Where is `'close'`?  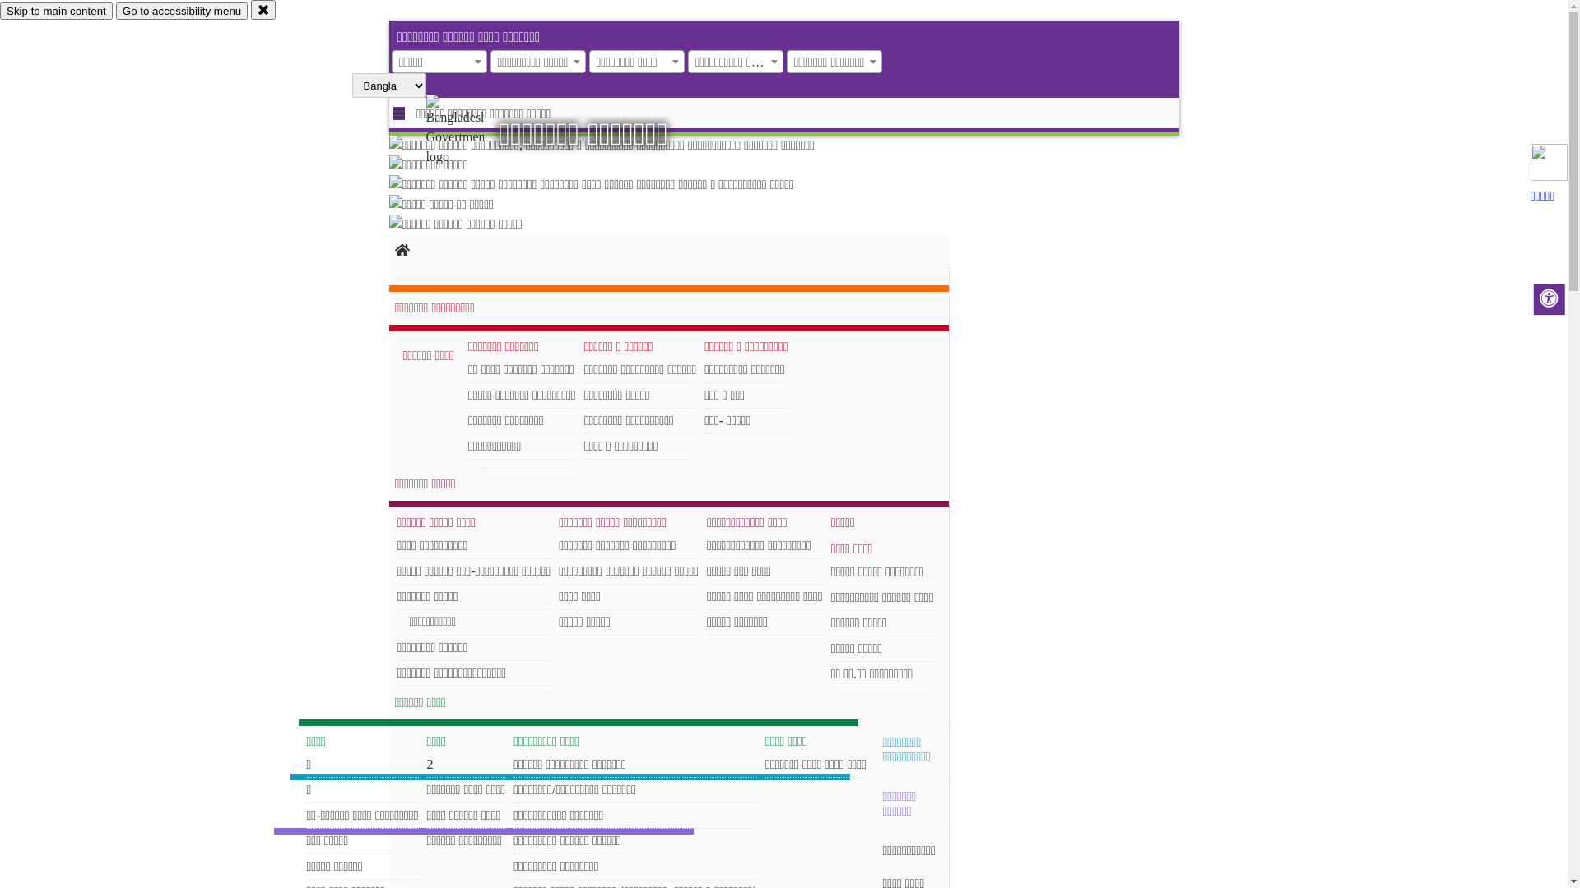
'close' is located at coordinates (263, 9).